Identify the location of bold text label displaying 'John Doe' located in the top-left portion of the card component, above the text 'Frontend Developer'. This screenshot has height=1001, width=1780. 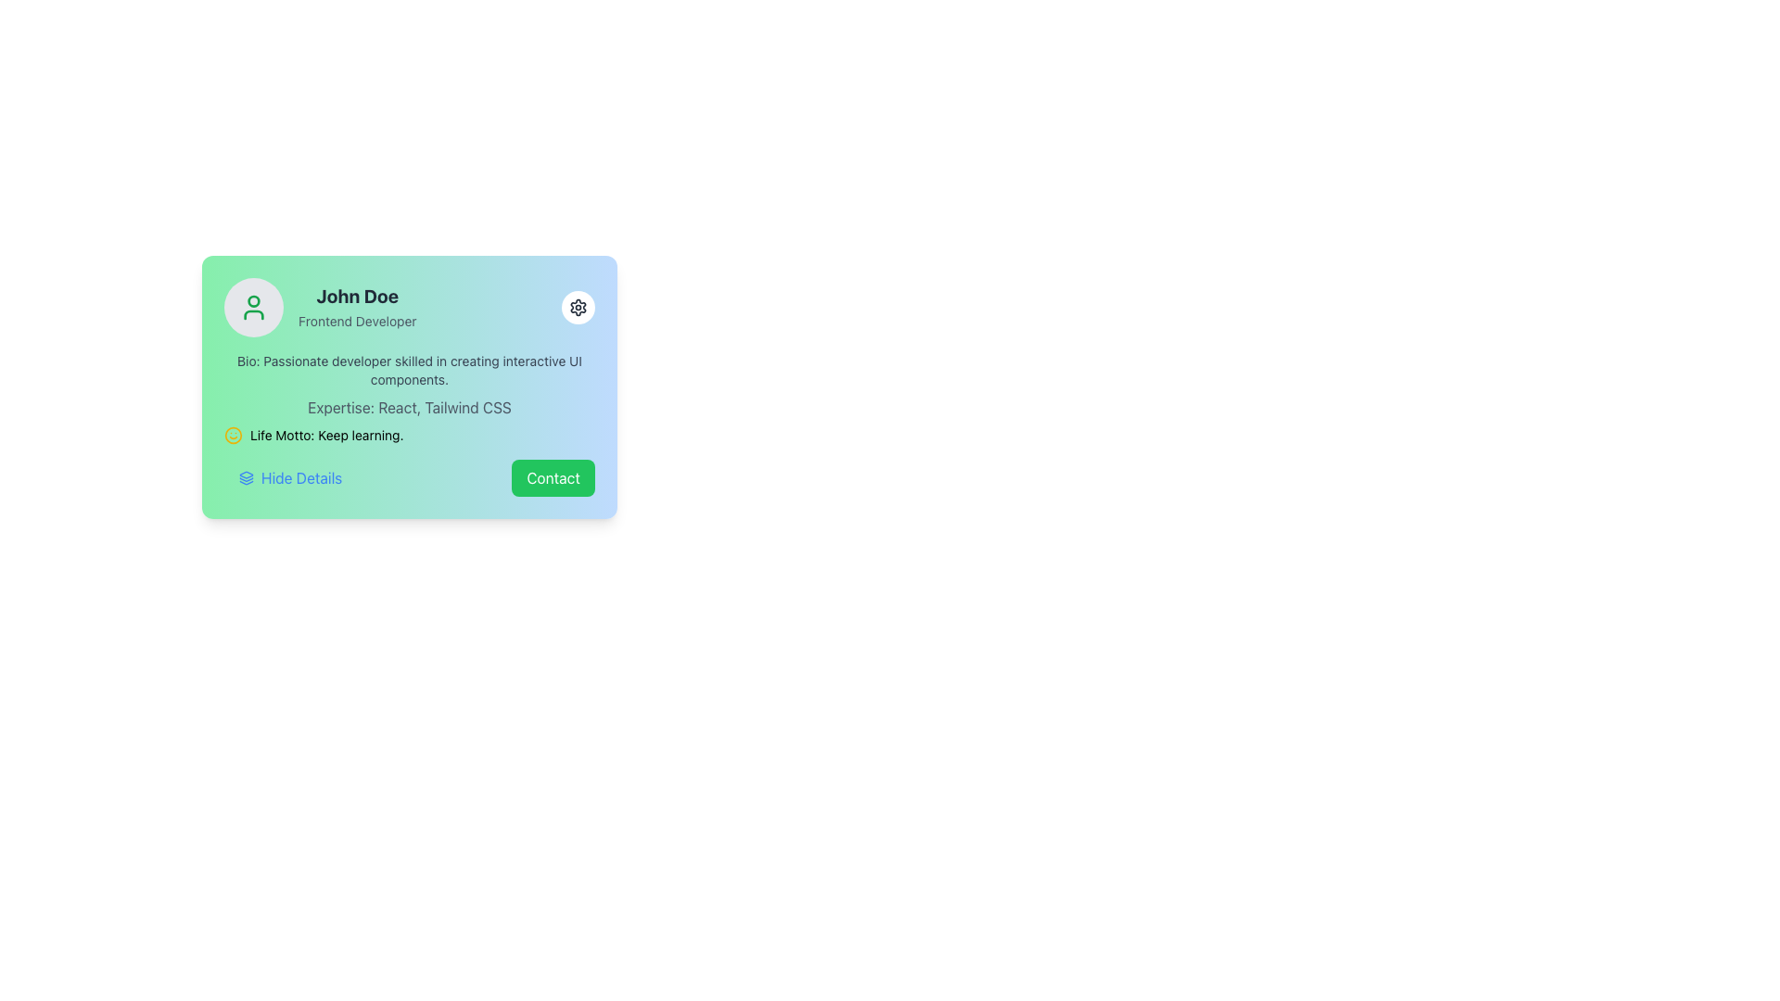
(357, 296).